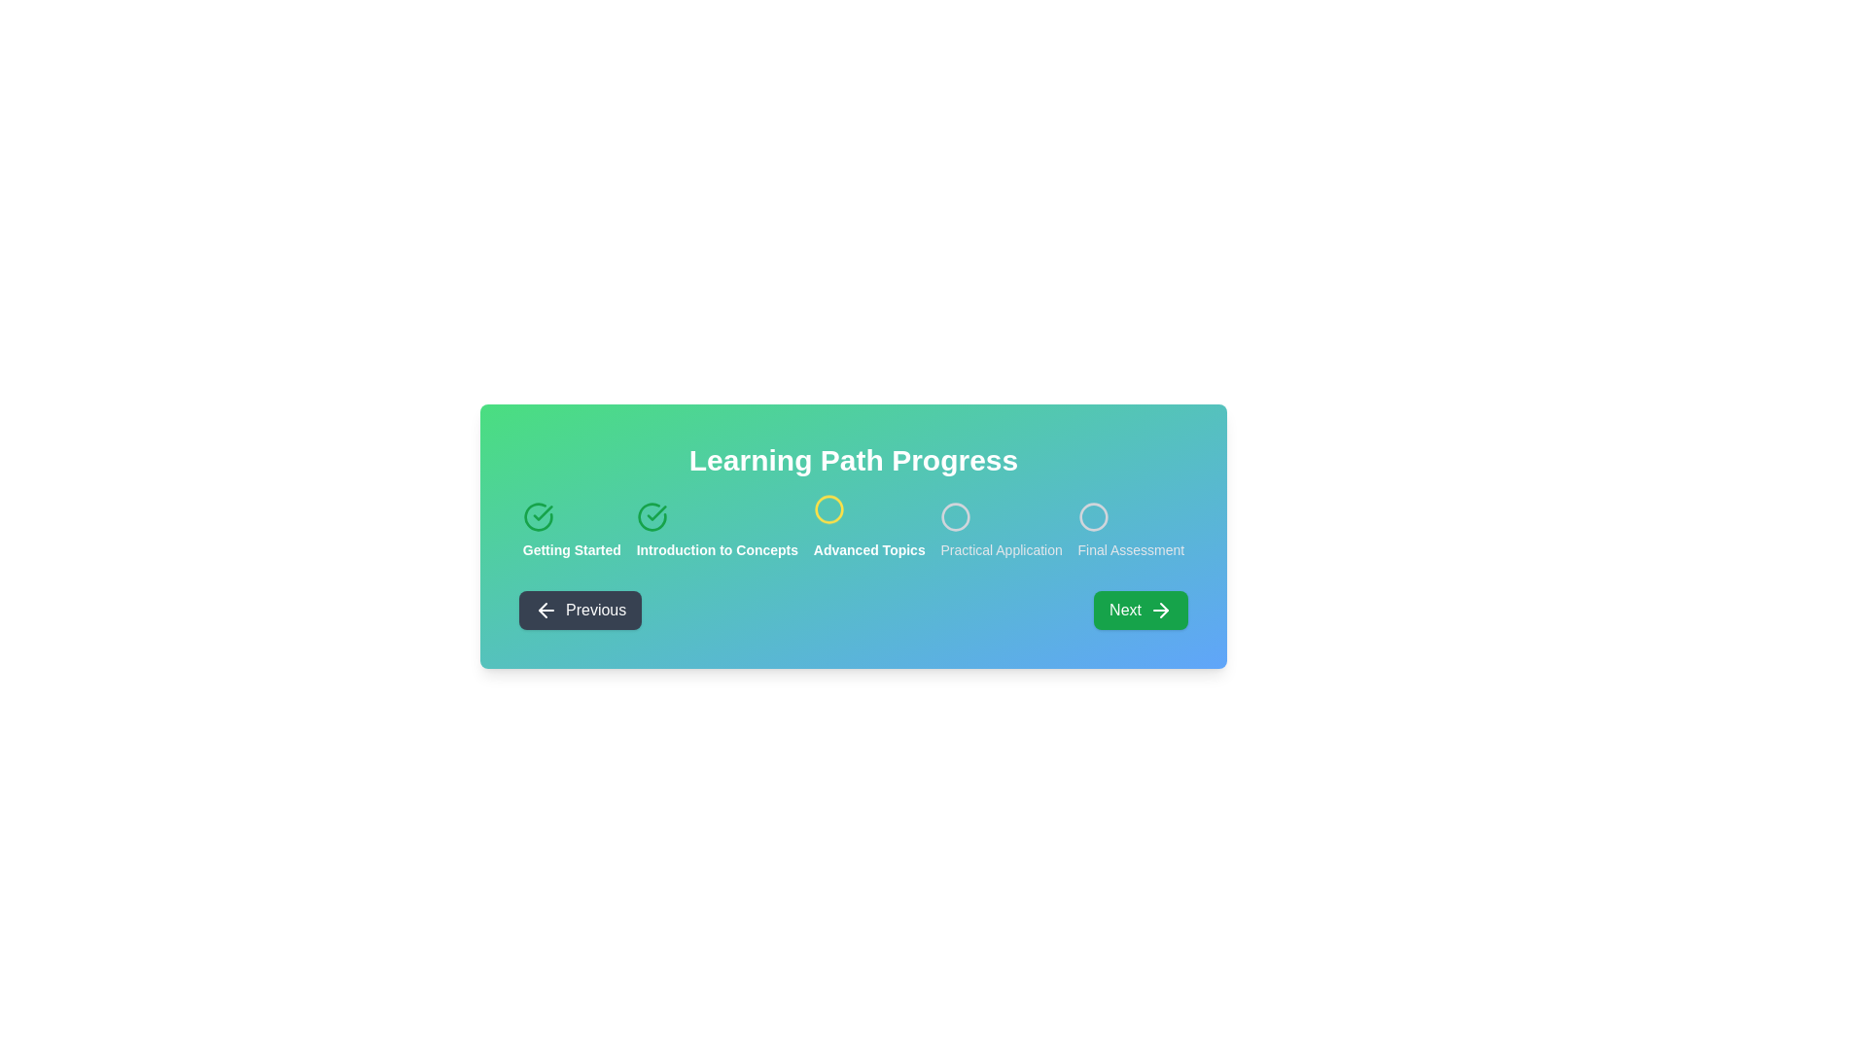  I want to click on the green 'Next' button containing the right-arrow icon to proceed to the next step, so click(1161, 610).